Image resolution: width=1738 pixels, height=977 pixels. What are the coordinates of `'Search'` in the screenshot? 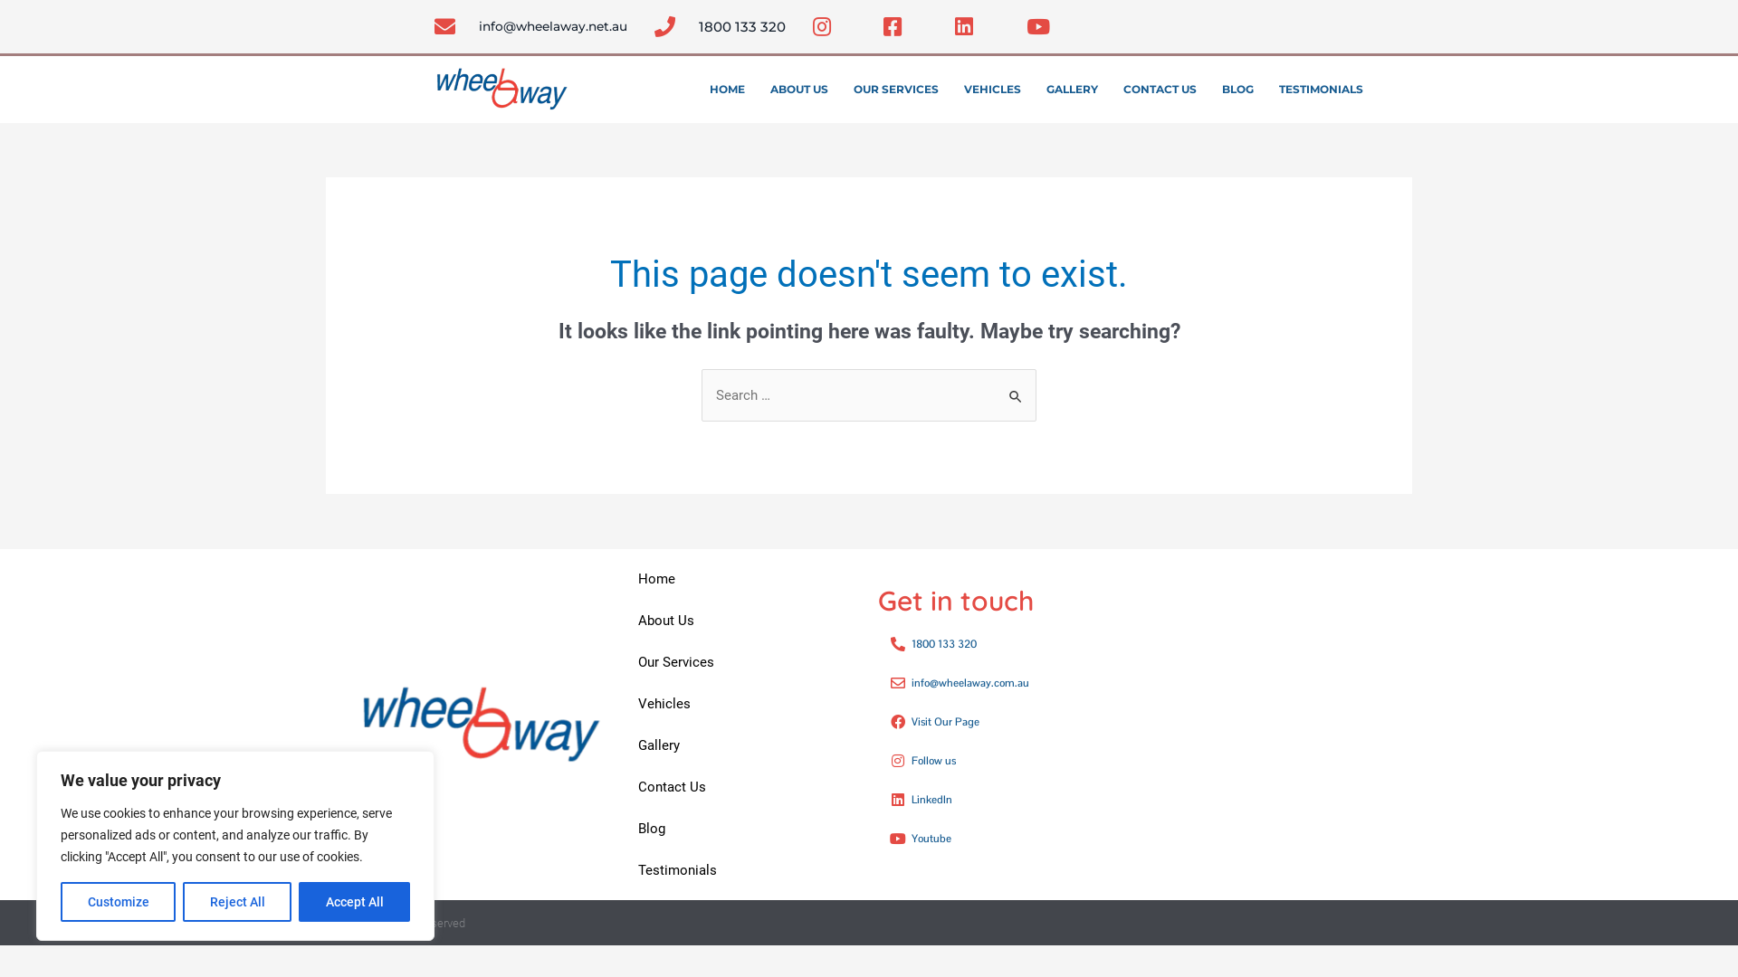 It's located at (1016, 386).